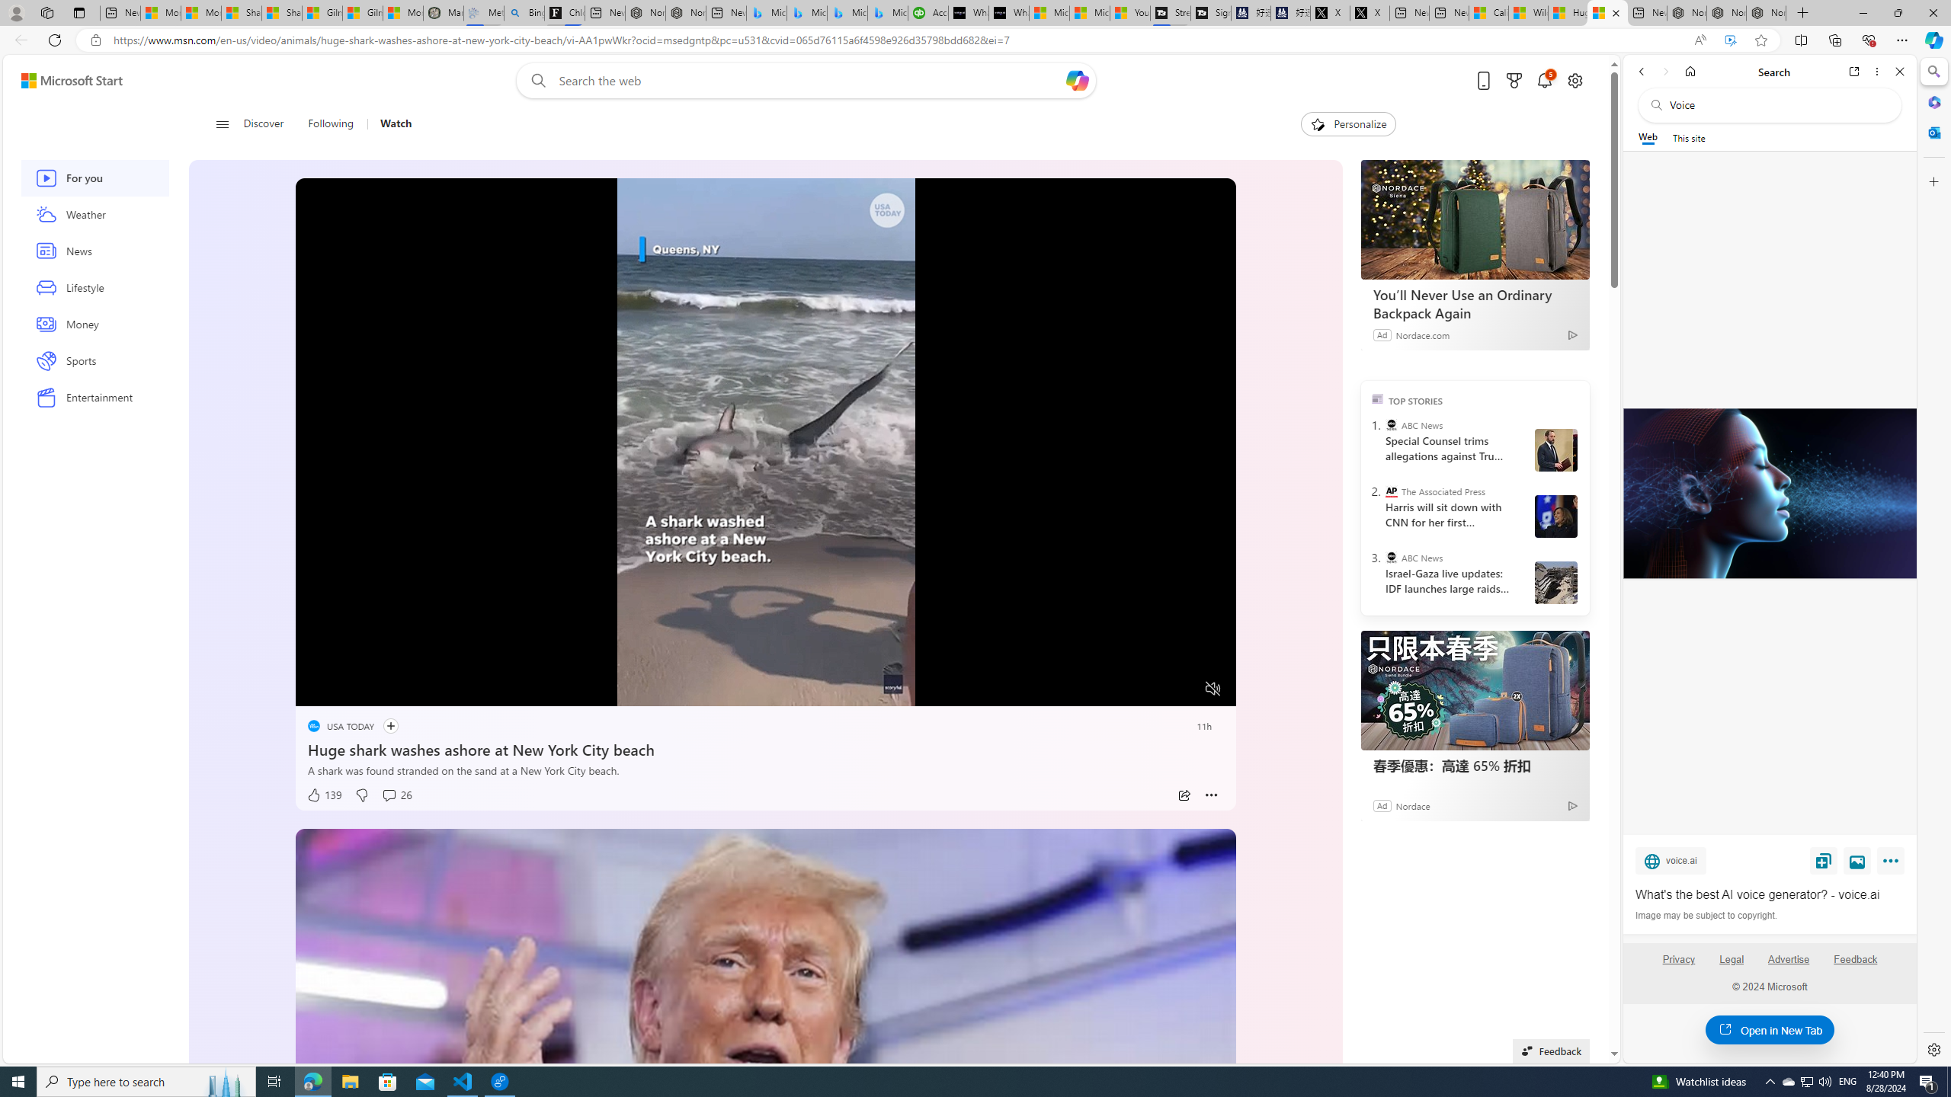  What do you see at coordinates (1857, 860) in the screenshot?
I see `'View image'` at bounding box center [1857, 860].